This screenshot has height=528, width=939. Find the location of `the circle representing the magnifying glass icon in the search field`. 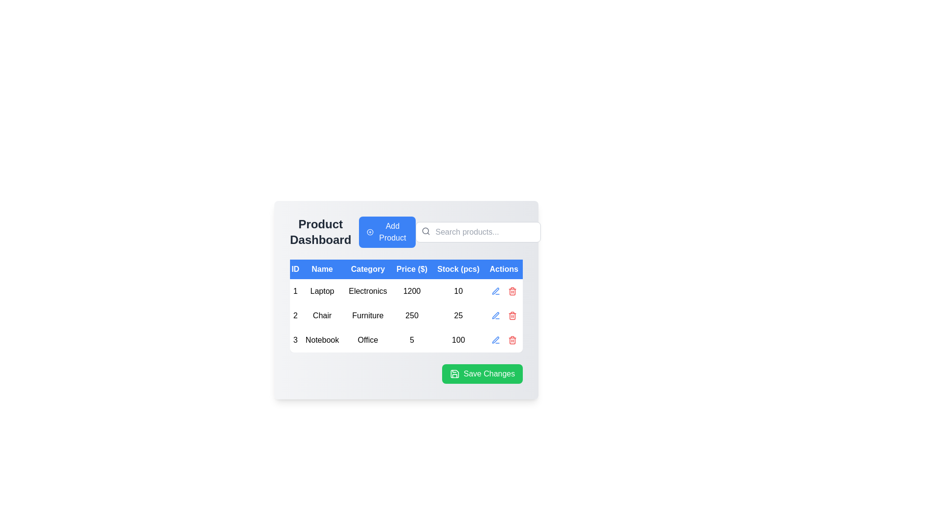

the circle representing the magnifying glass icon in the search field is located at coordinates (425, 231).